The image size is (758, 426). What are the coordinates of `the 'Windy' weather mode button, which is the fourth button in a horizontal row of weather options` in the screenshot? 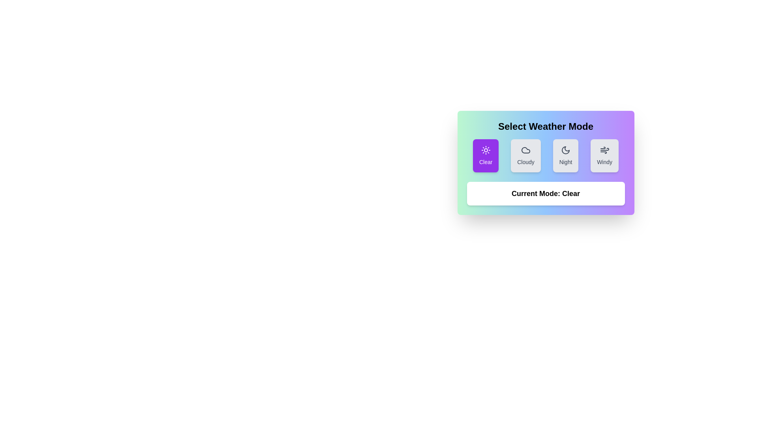 It's located at (604, 155).